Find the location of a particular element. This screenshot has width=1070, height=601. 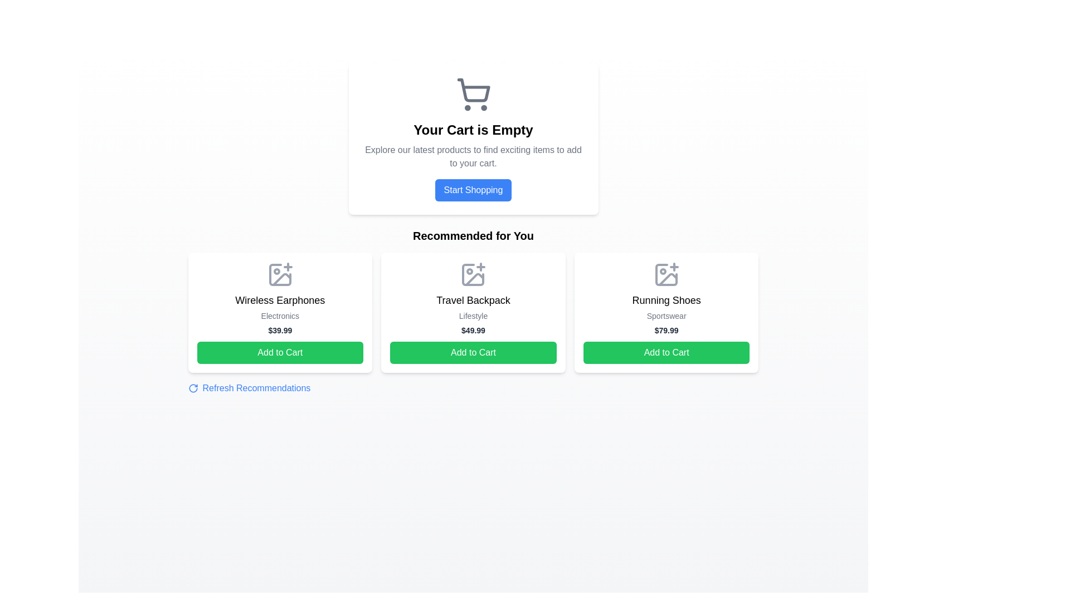

the SVG-based icon depicting a photograph with a mountain and sun outline, located in the top-left corner of the 'Travel Backpack' card under the 'Recommended for You' section is located at coordinates (473, 274).